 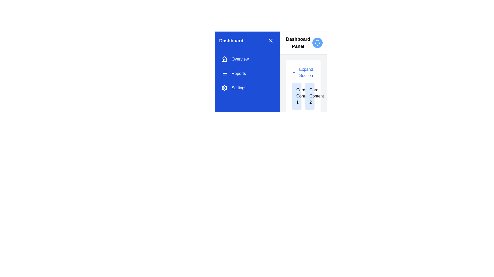 I want to click on the small downward-pointing chevron icon next to the text 'Expand Section', so click(x=294, y=72).